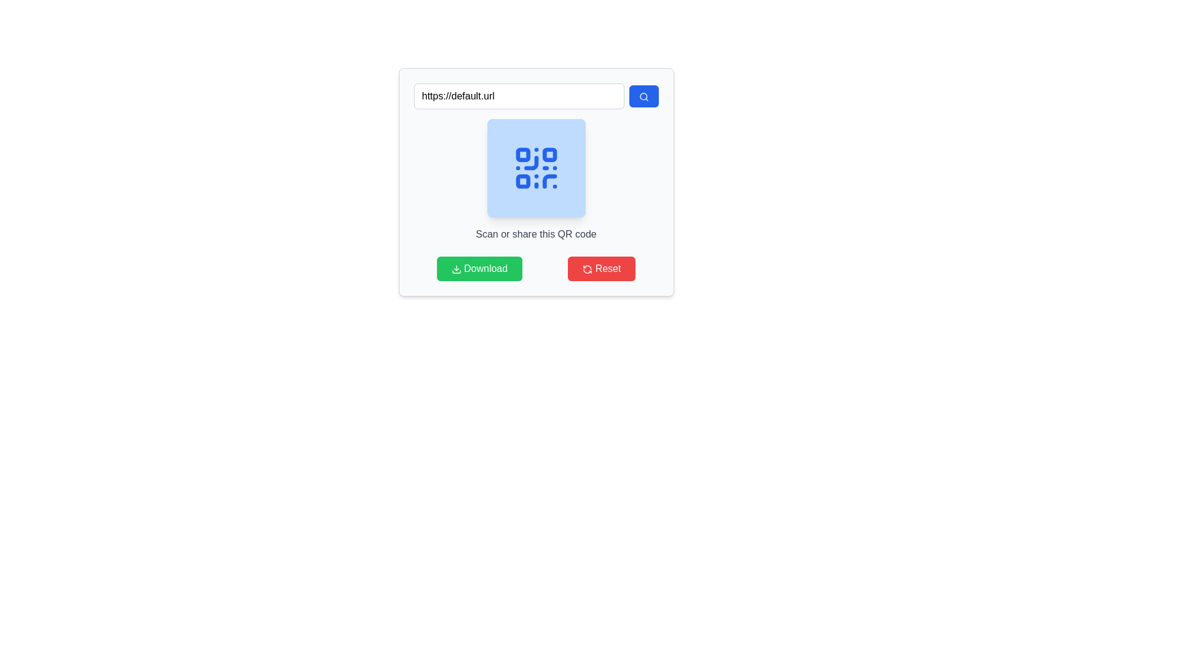 The height and width of the screenshot is (663, 1180). Describe the element at coordinates (643, 96) in the screenshot. I see `the search button located at the far right of the input field` at that location.